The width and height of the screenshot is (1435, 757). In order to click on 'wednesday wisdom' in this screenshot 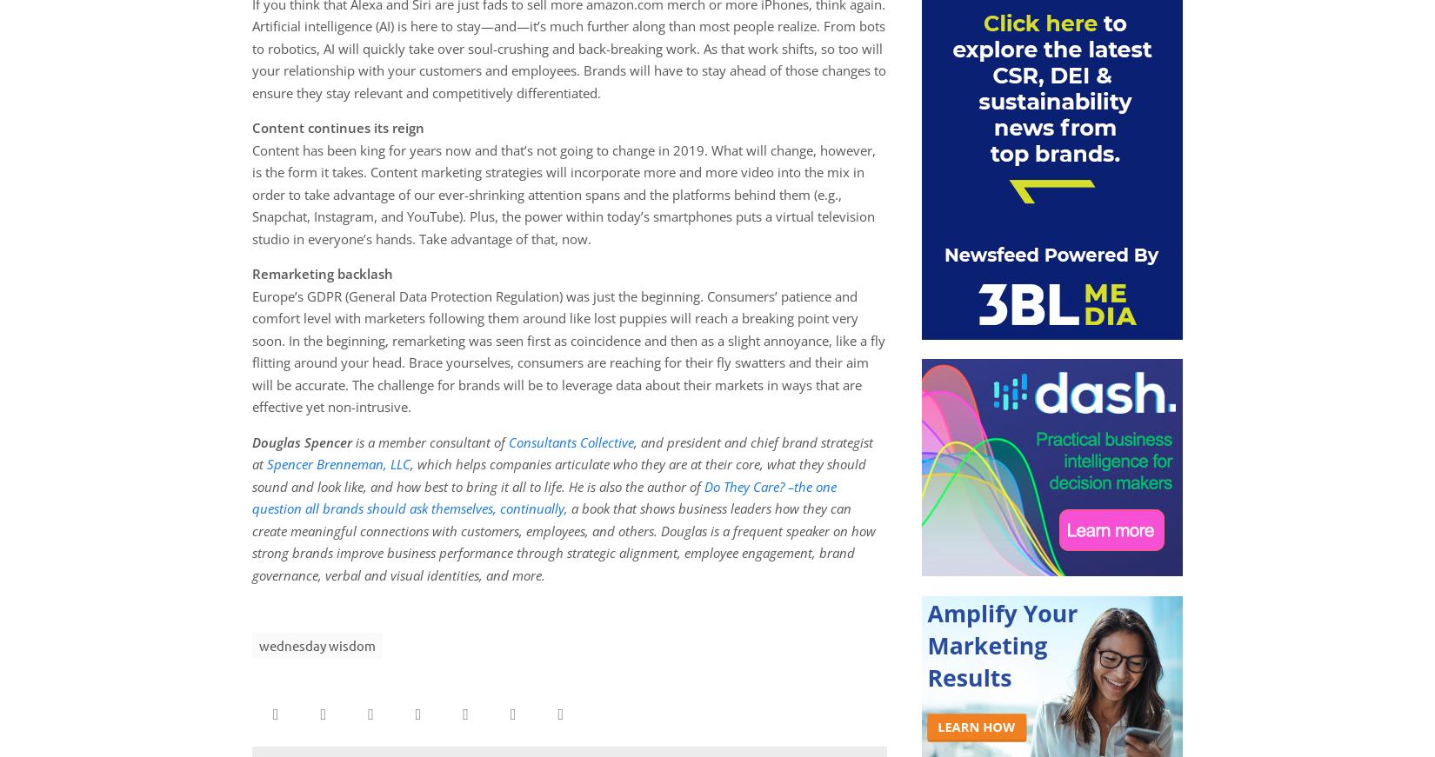, I will do `click(317, 645)`.